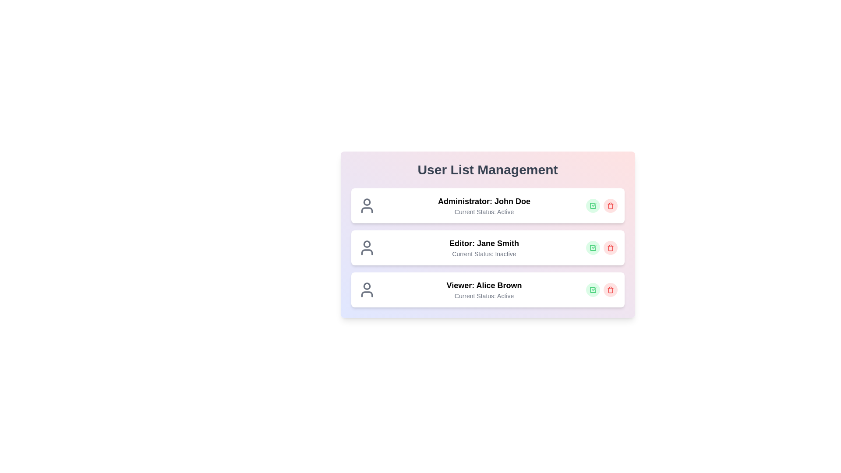  I want to click on the user icon representing the profile of 'Viewer: Alice Brown', so click(367, 290).